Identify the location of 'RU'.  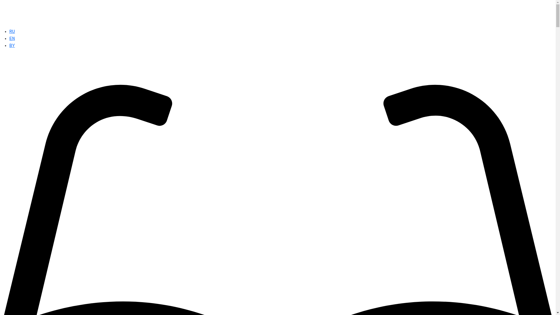
(9, 32).